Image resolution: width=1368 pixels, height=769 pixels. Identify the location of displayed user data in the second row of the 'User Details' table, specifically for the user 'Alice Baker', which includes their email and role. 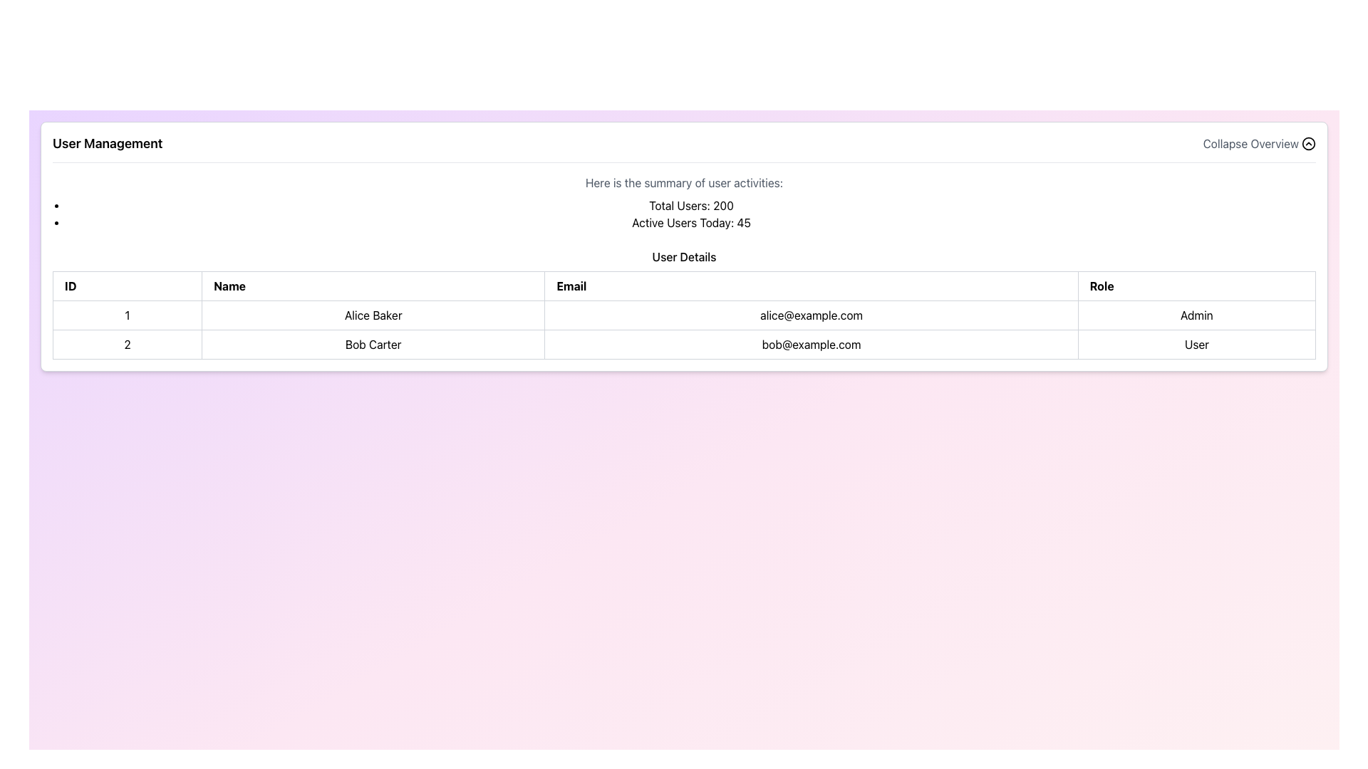
(684, 330).